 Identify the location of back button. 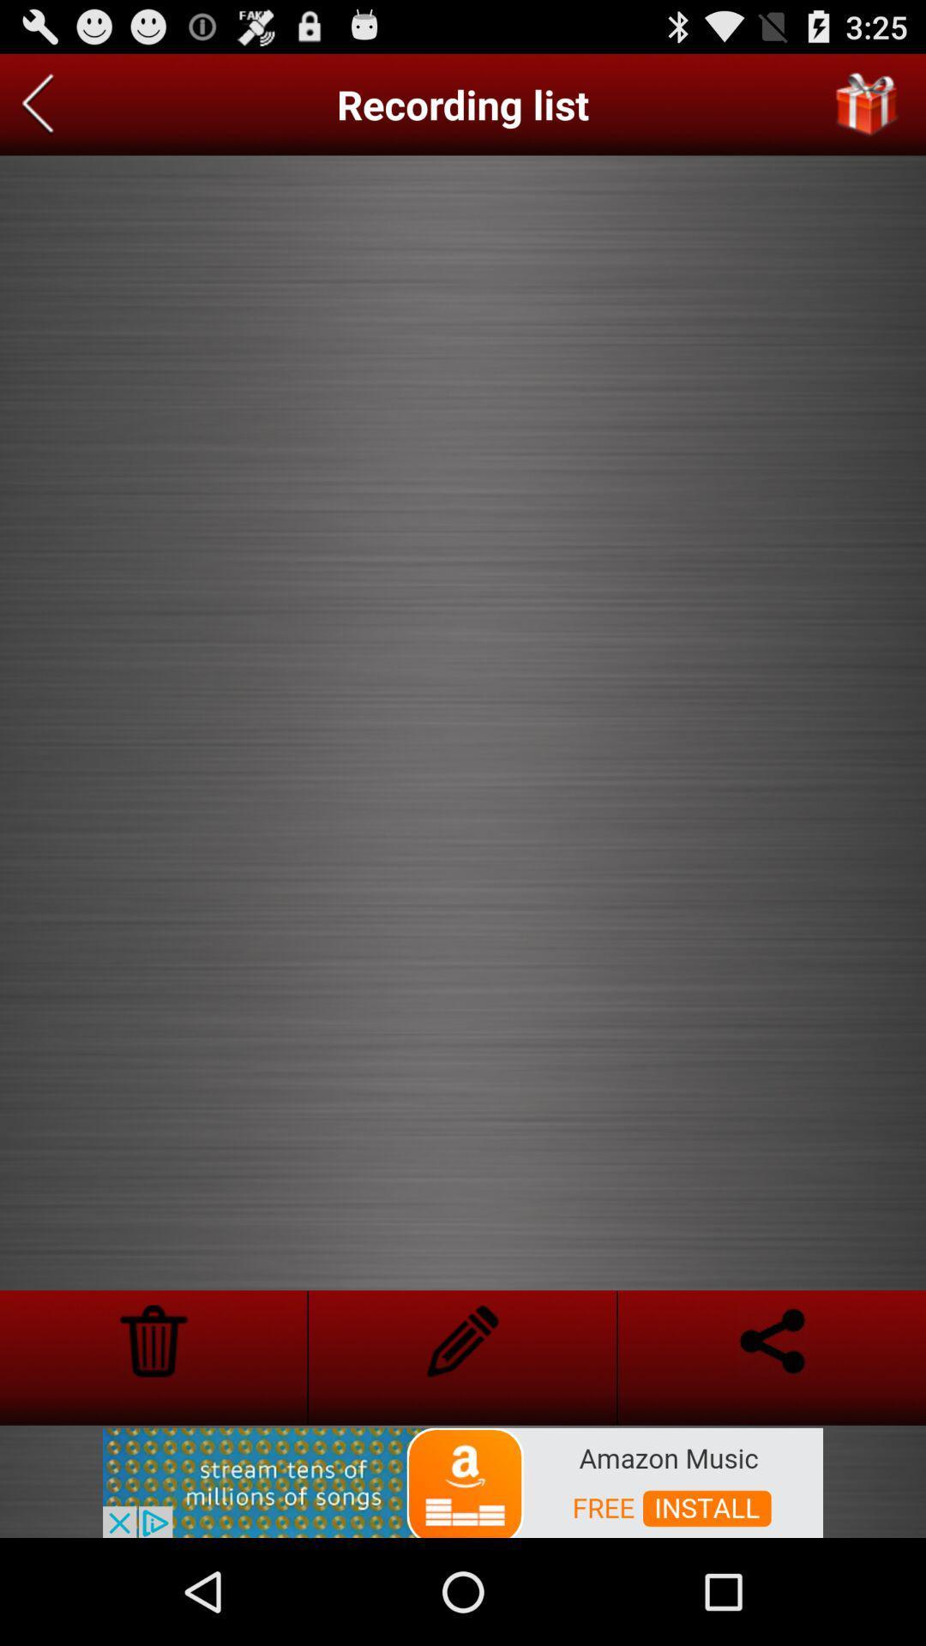
(38, 104).